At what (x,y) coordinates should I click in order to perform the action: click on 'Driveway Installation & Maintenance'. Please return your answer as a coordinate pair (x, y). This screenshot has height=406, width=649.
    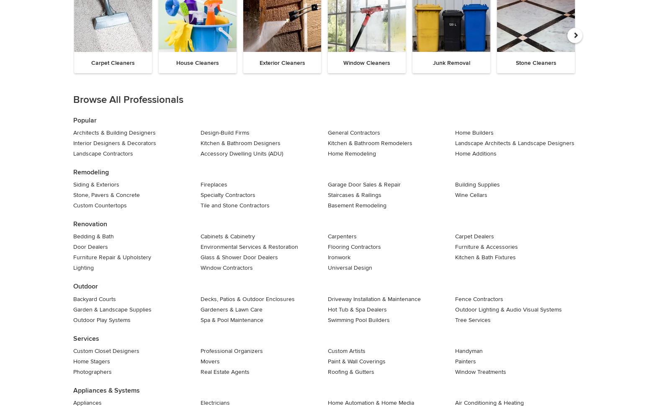
    Looking at the image, I should click on (327, 298).